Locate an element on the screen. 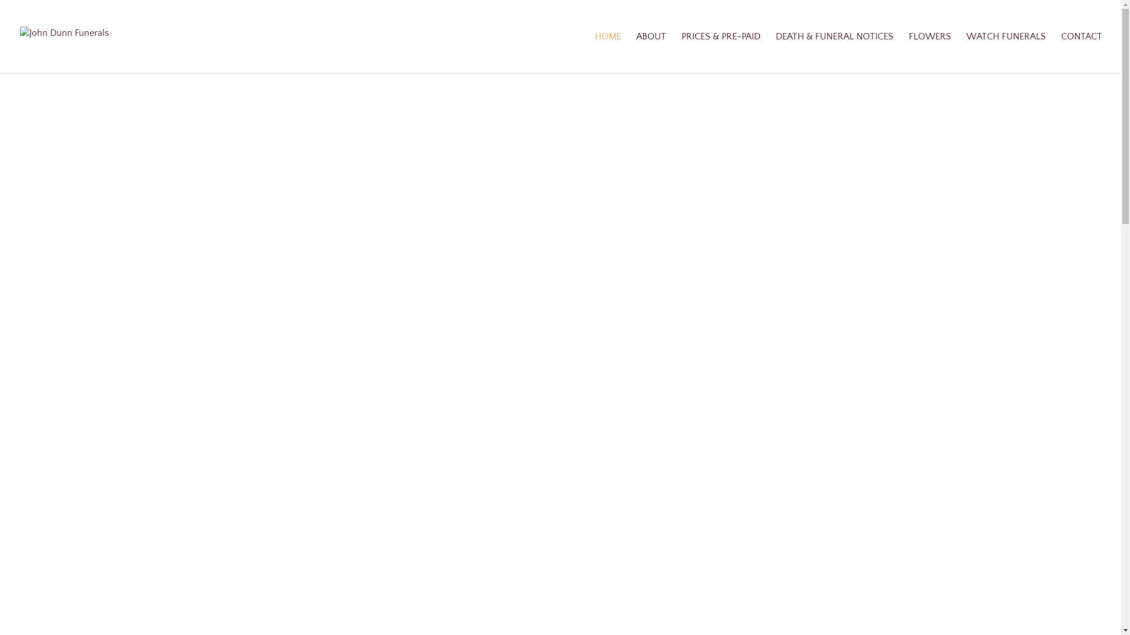 The image size is (1130, 635). 'WATCH FUNERALS' is located at coordinates (966, 52).